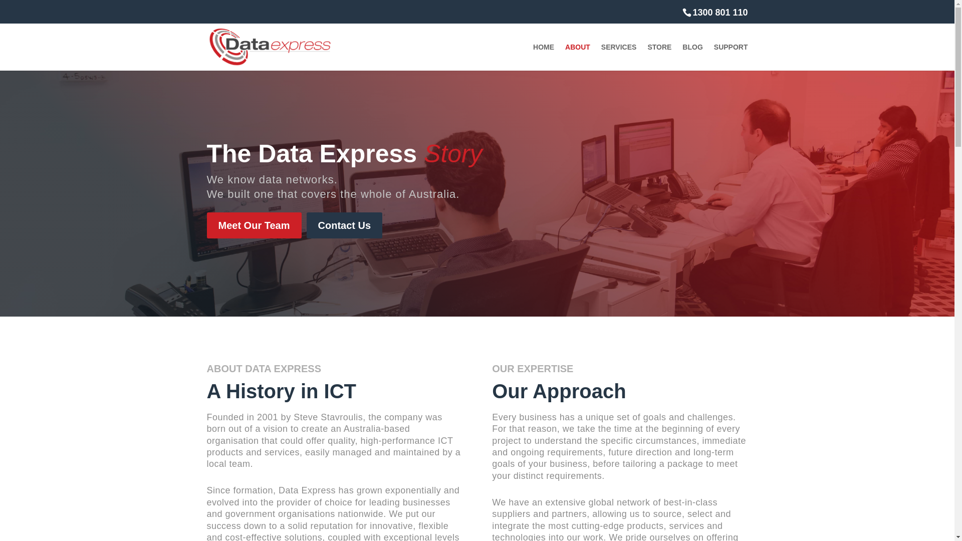 Image resolution: width=962 pixels, height=541 pixels. Describe the element at coordinates (254, 225) in the screenshot. I see `'Meet Our Team'` at that location.